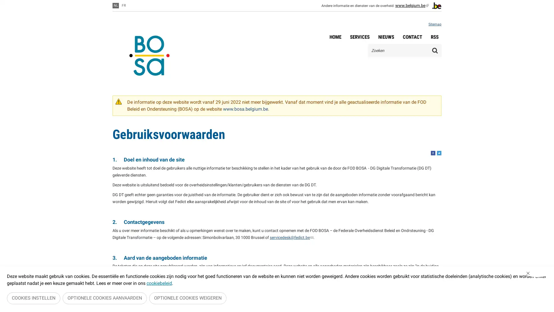  I want to click on OPTIONELE COOKIES AANVAARDEN, so click(105, 299).